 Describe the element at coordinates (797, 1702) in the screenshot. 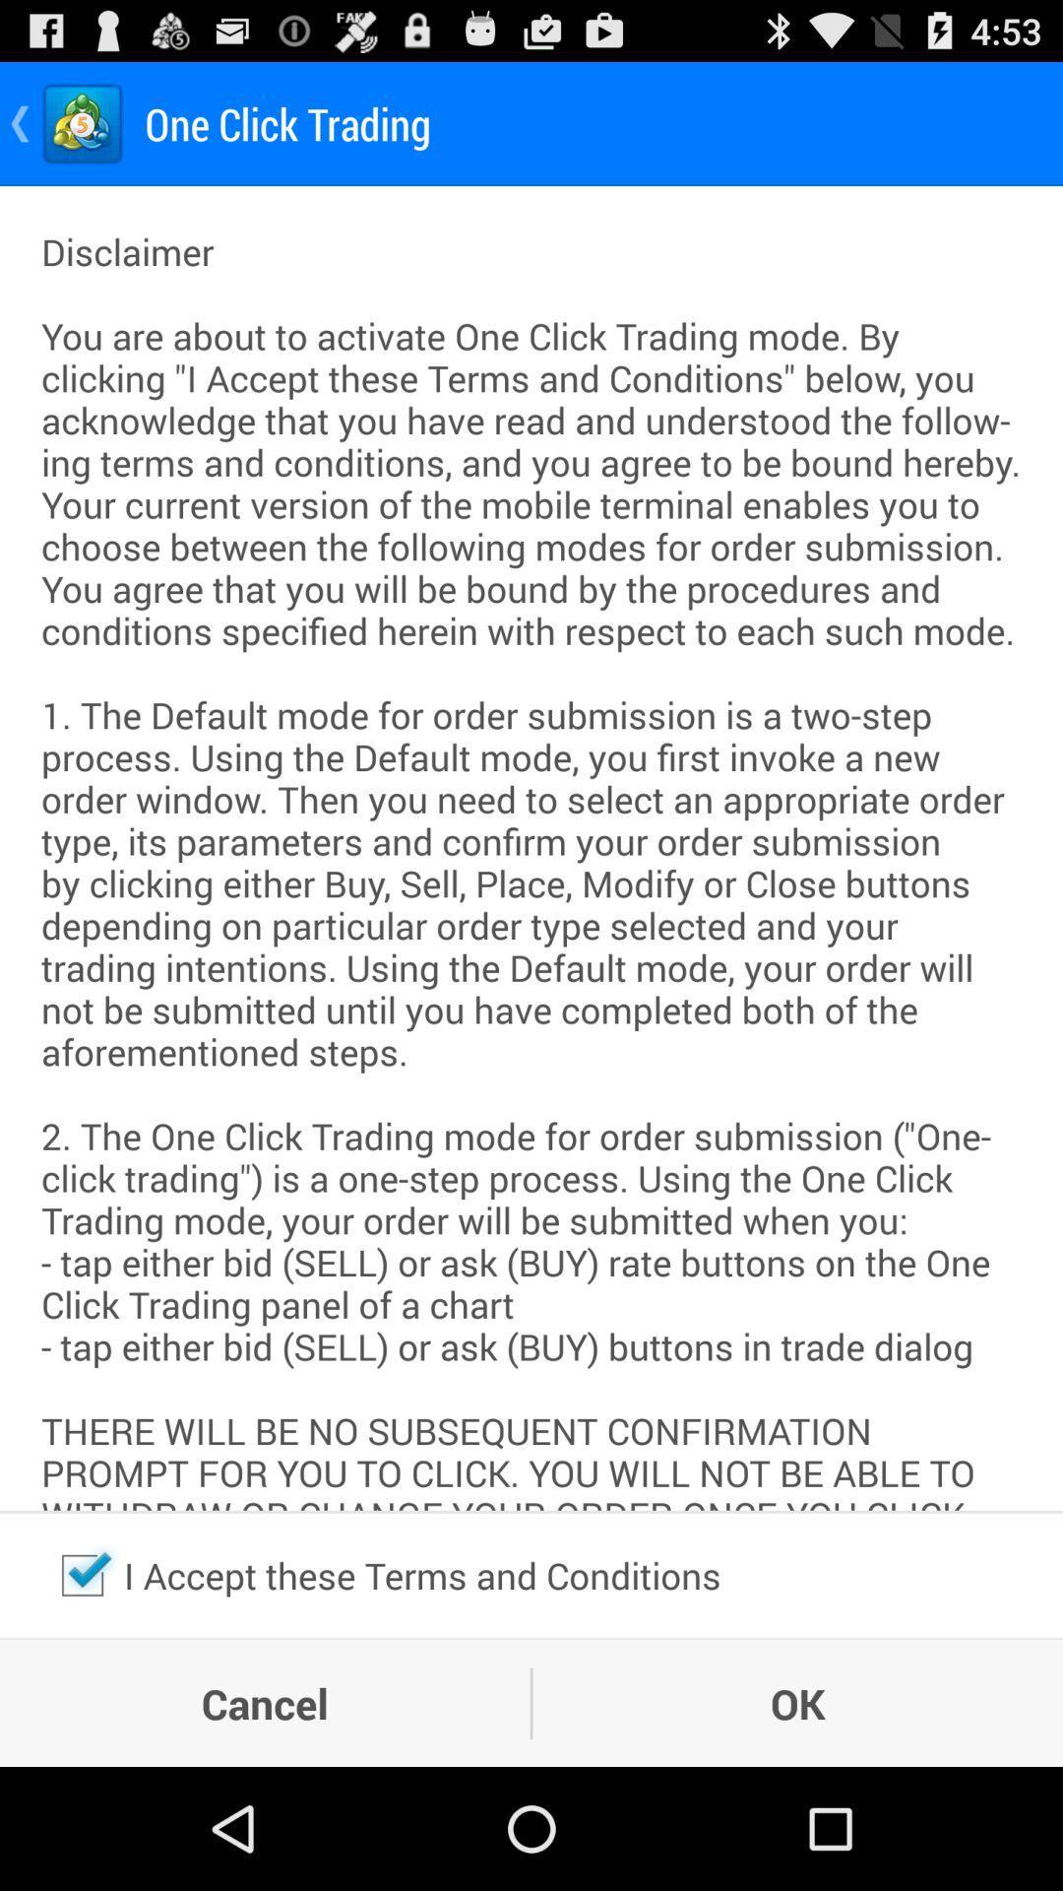

I see `the ok item` at that location.